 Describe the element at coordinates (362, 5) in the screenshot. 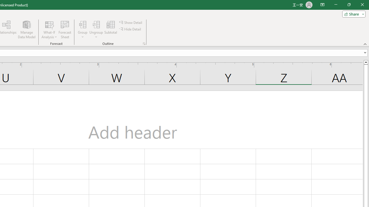

I see `'Close'` at that location.